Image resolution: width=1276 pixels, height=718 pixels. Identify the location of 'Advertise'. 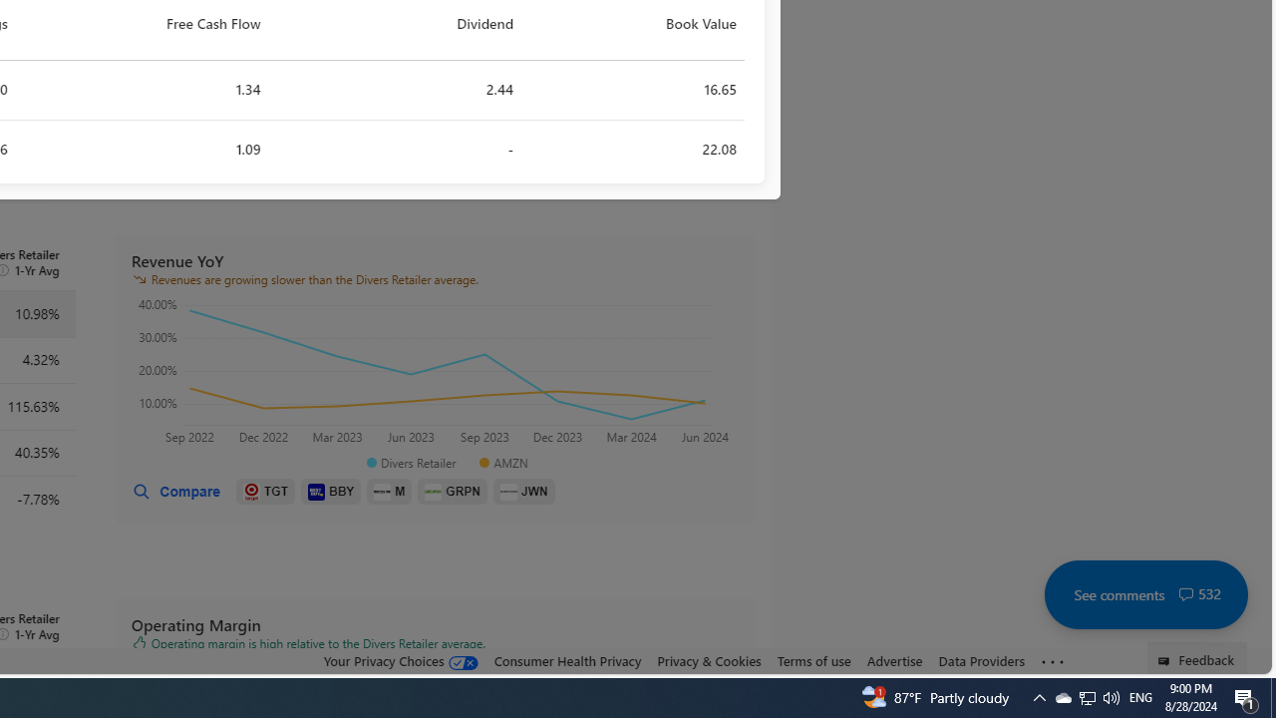
(893, 660).